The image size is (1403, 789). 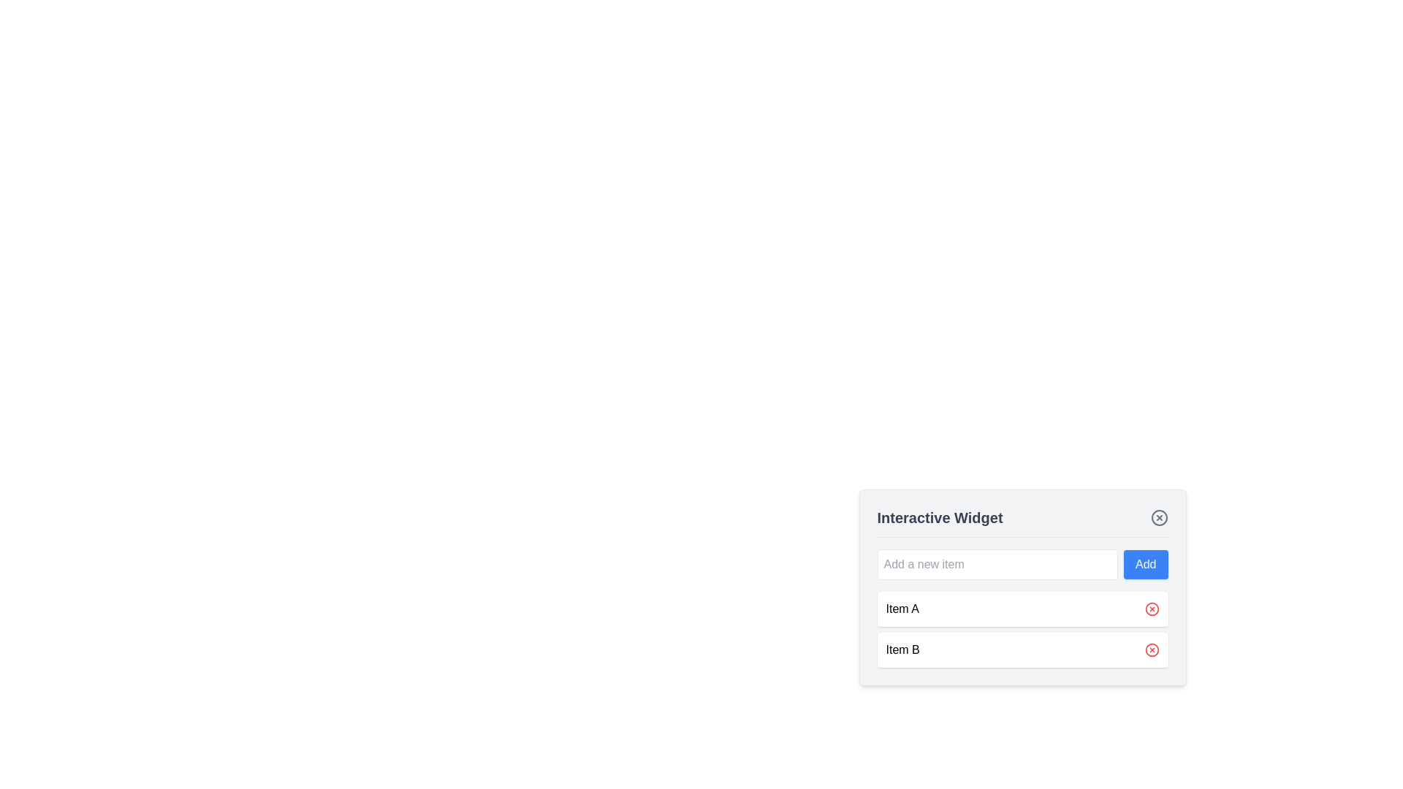 What do you see at coordinates (940, 517) in the screenshot?
I see `the 'Interactive Widget' text label, which is a bold, larger-sized grayish text positioned at the top-left corner of a panel in the widget interface` at bounding box center [940, 517].